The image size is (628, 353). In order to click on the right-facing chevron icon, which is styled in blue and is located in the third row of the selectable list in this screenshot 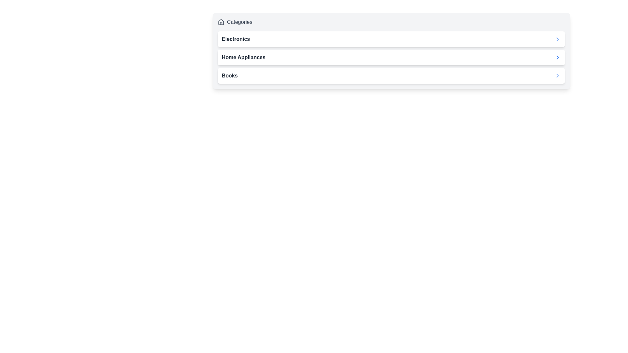, I will do `click(557, 57)`.